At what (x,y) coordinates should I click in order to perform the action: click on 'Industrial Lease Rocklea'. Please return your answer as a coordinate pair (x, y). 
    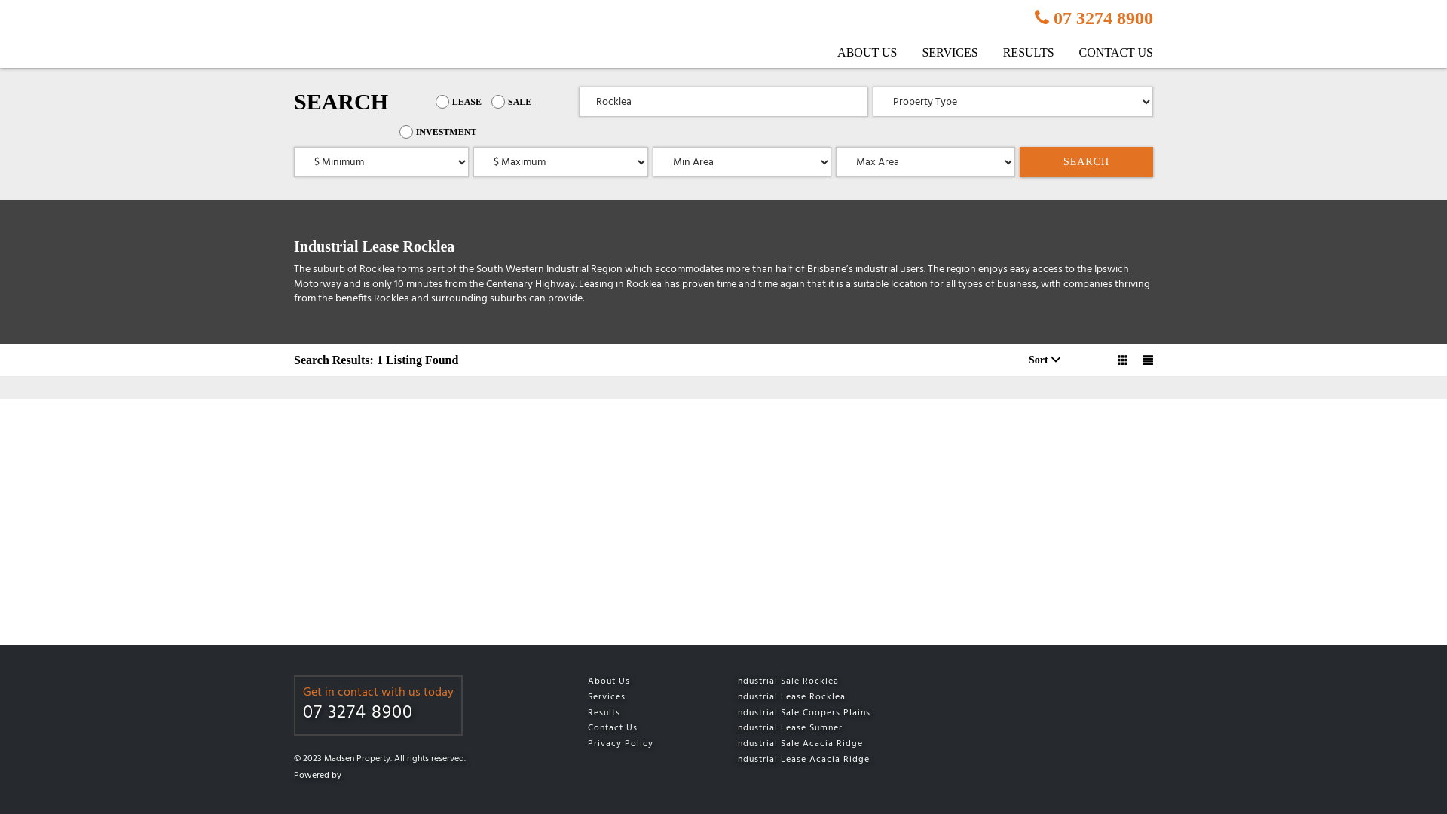
    Looking at the image, I should click on (833, 697).